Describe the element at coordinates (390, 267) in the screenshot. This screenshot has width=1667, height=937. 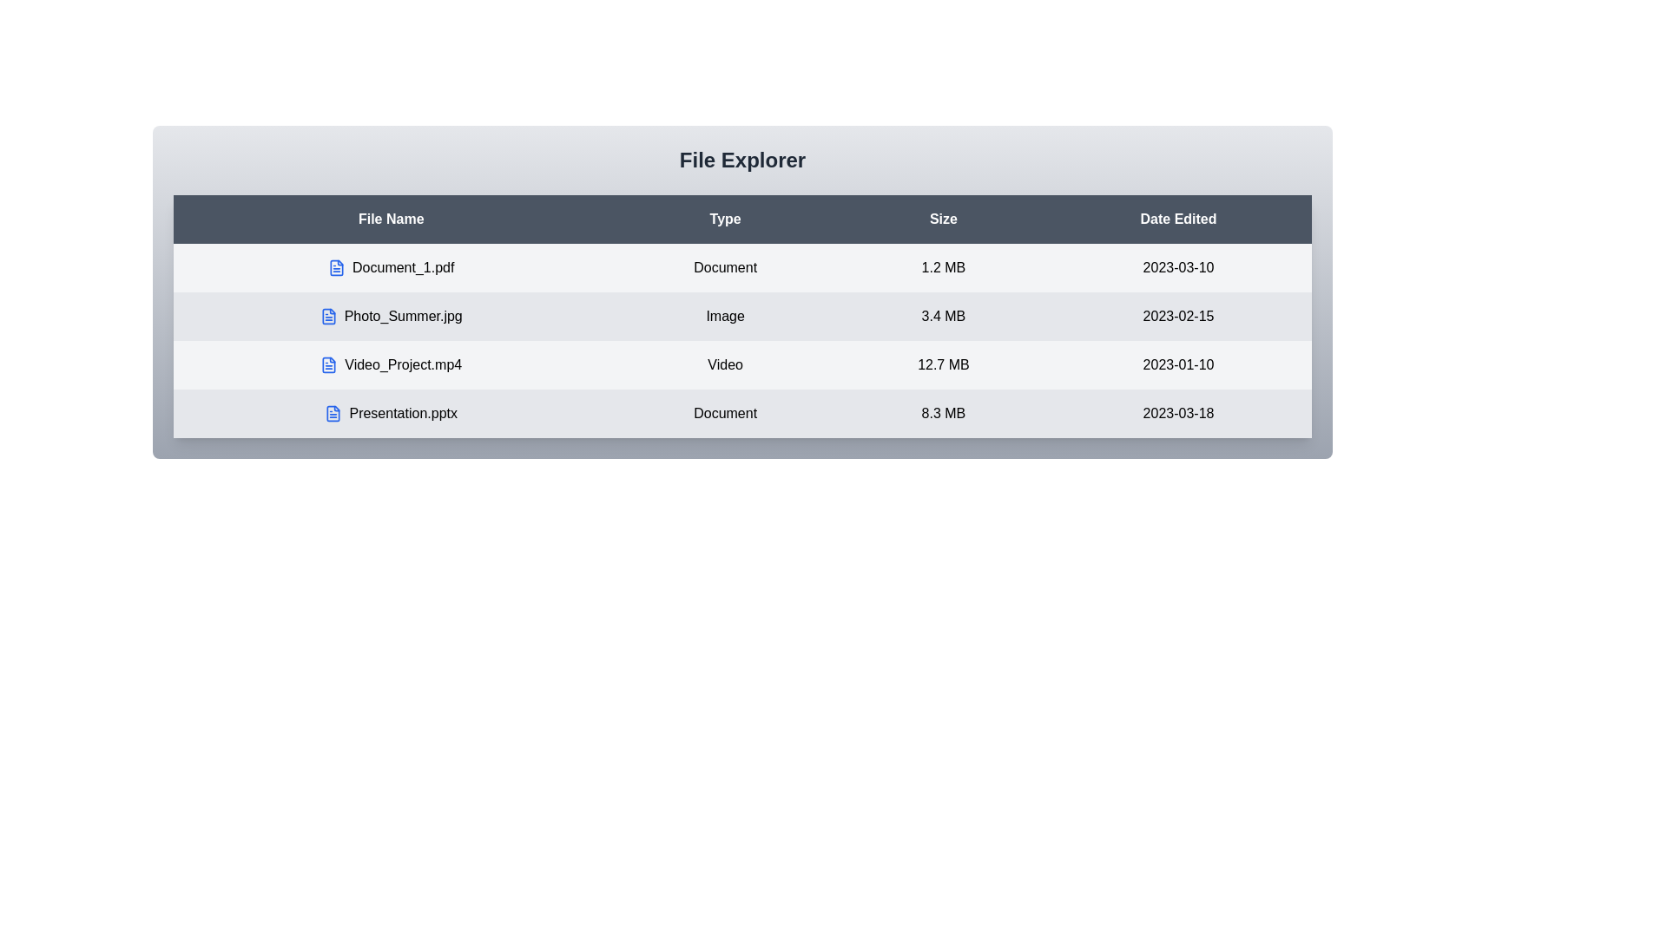
I see `the row corresponding to the file Document_1.pdf` at that location.